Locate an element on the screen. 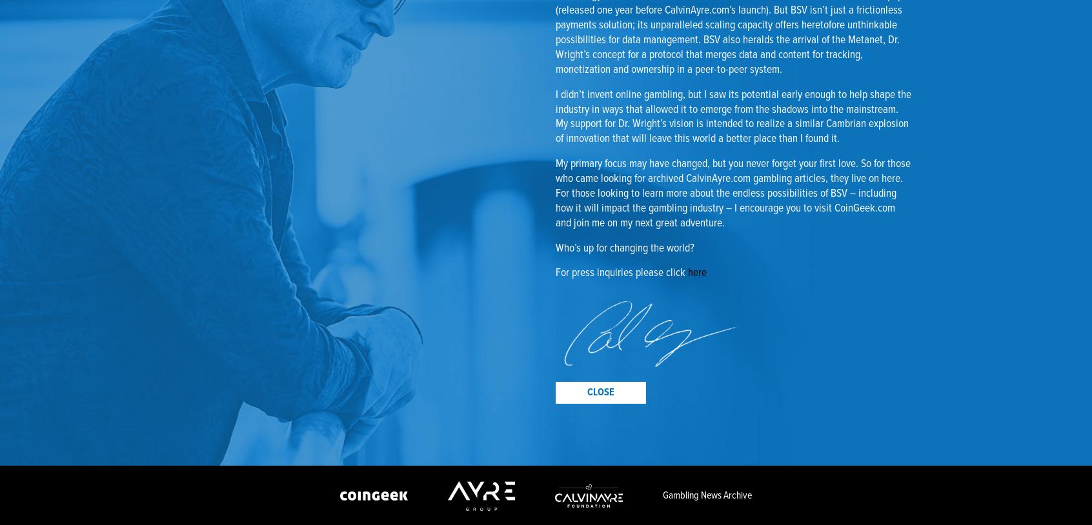 This screenshot has height=525, width=1092. 'For press inquiries please click' is located at coordinates (622, 272).